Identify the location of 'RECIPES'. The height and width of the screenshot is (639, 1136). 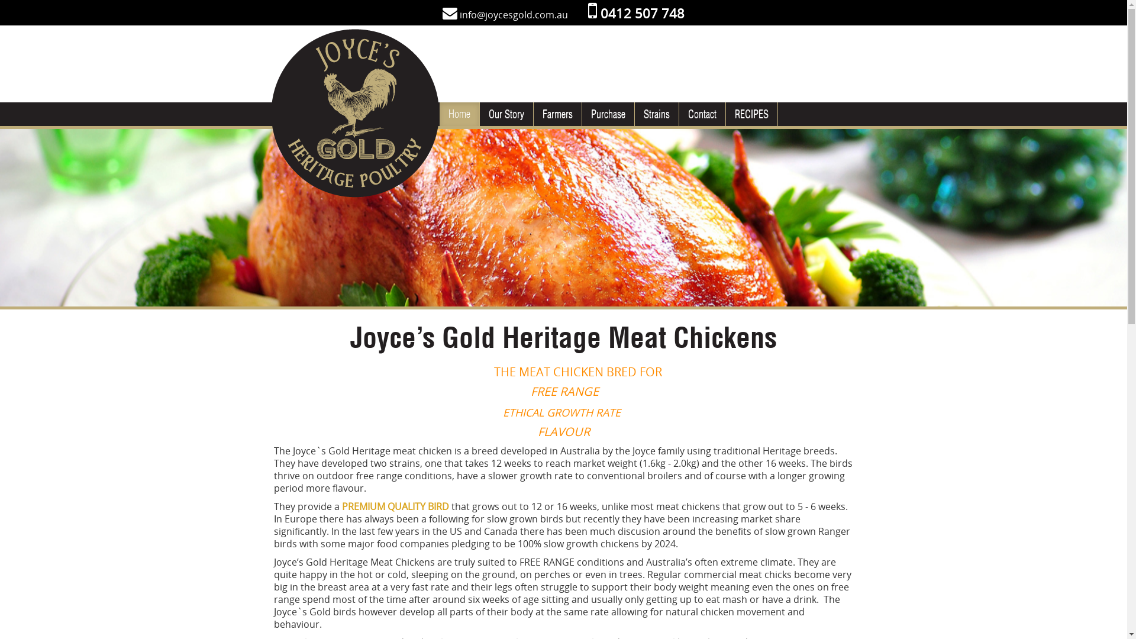
(750, 114).